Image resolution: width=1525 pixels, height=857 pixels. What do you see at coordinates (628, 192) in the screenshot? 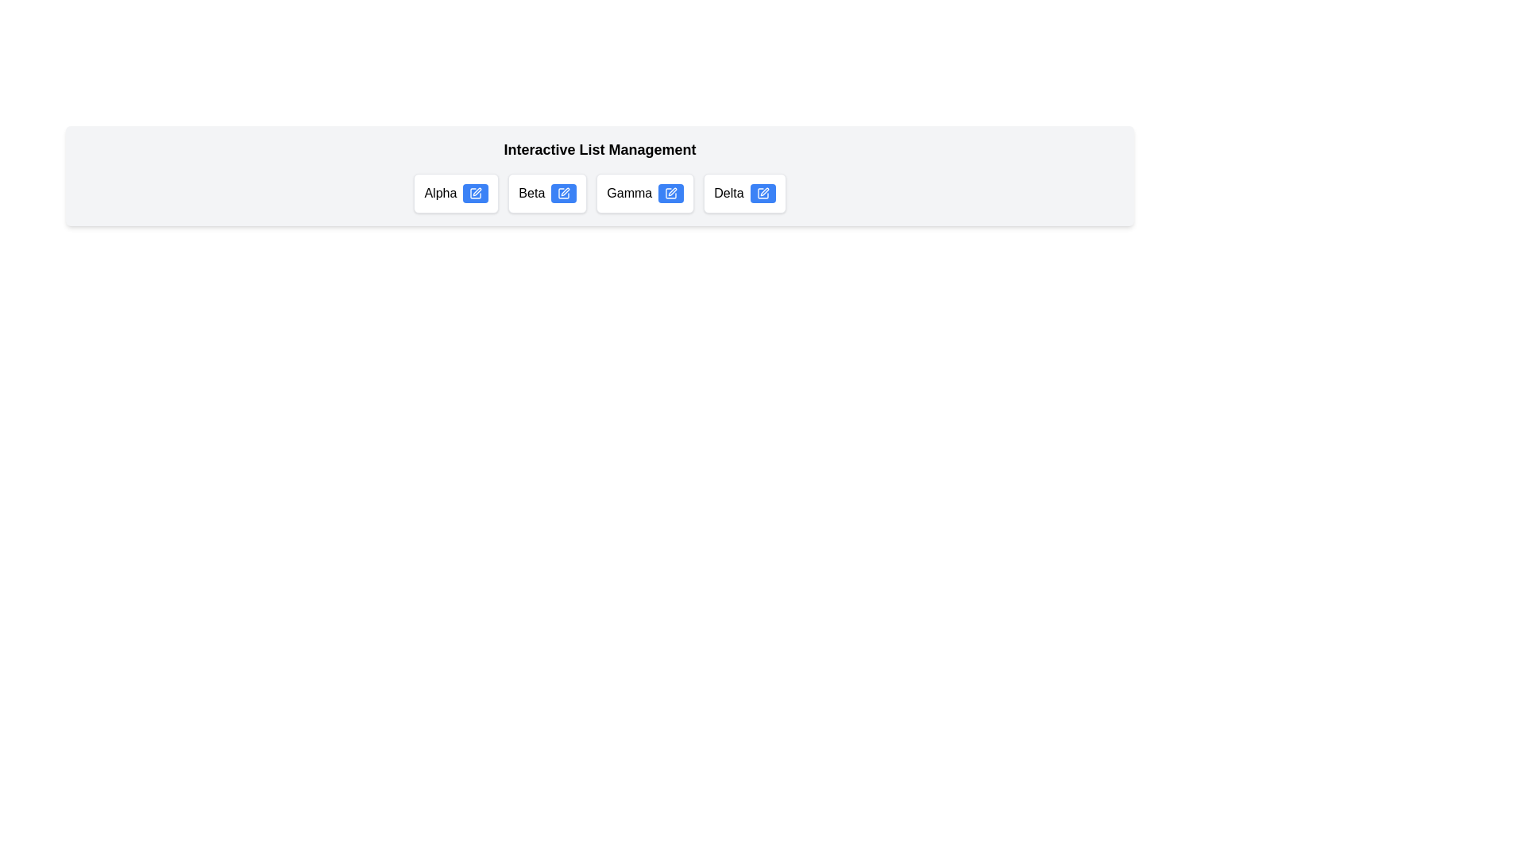
I see `the text label displaying 'Gamma' located in the center of the third panel among four horizontally arranged panels` at bounding box center [628, 192].